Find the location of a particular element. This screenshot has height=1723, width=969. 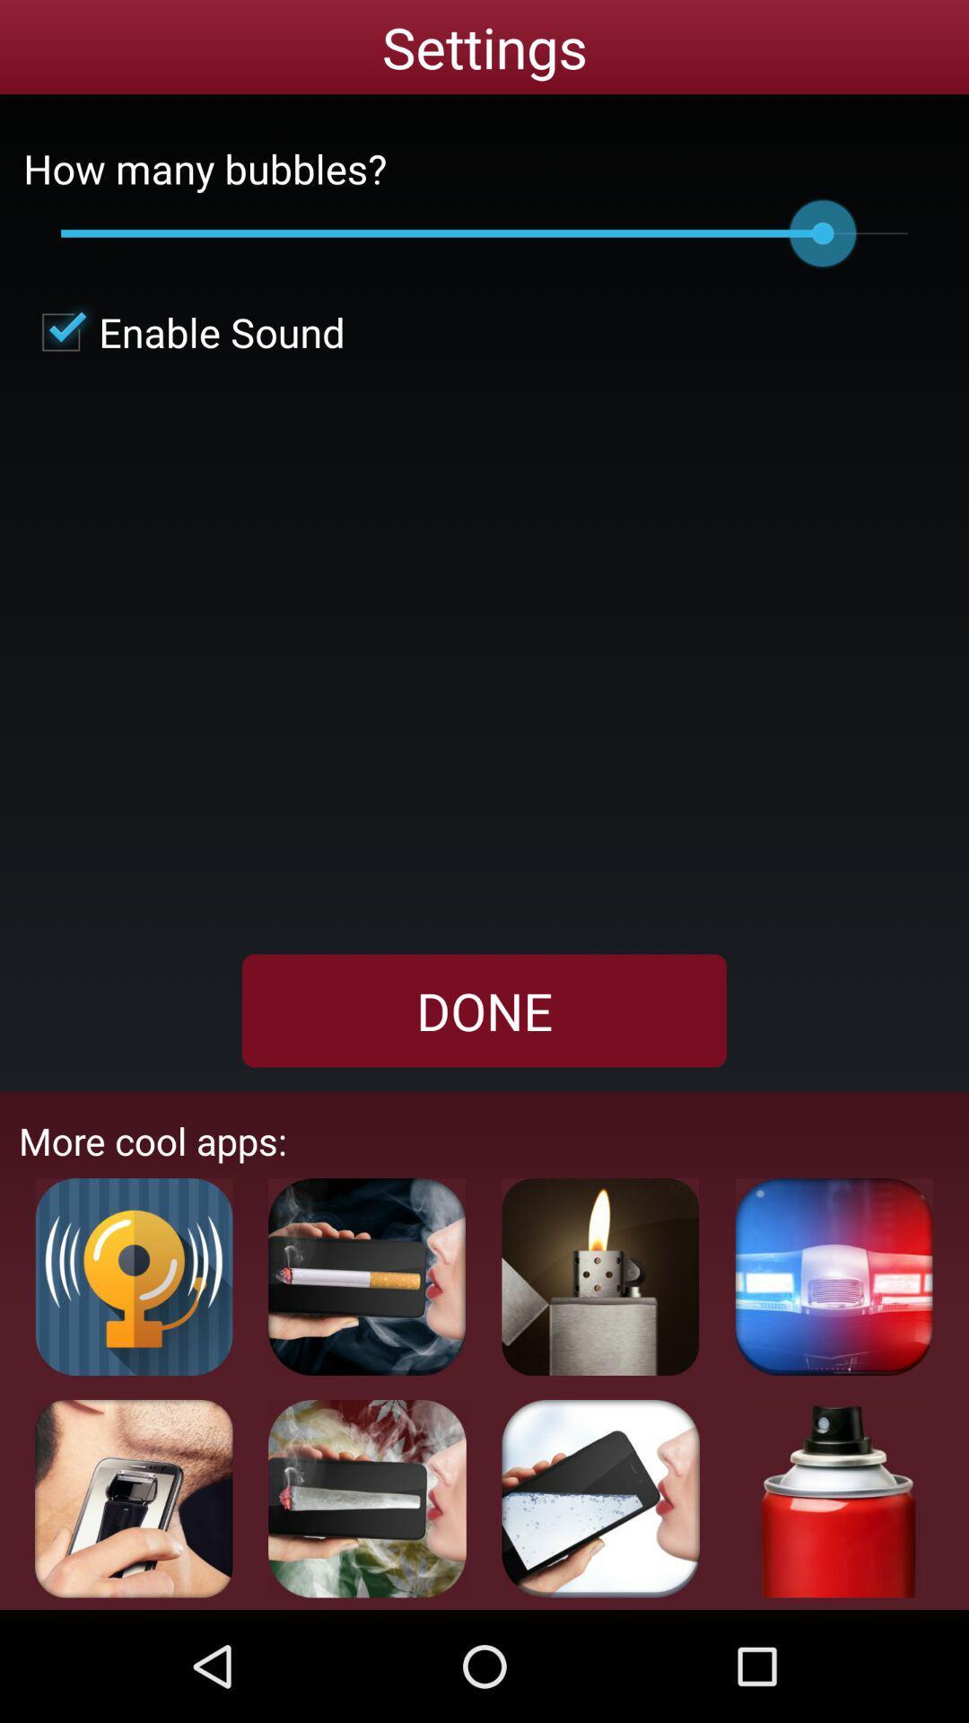

button above the done is located at coordinates (184, 332).